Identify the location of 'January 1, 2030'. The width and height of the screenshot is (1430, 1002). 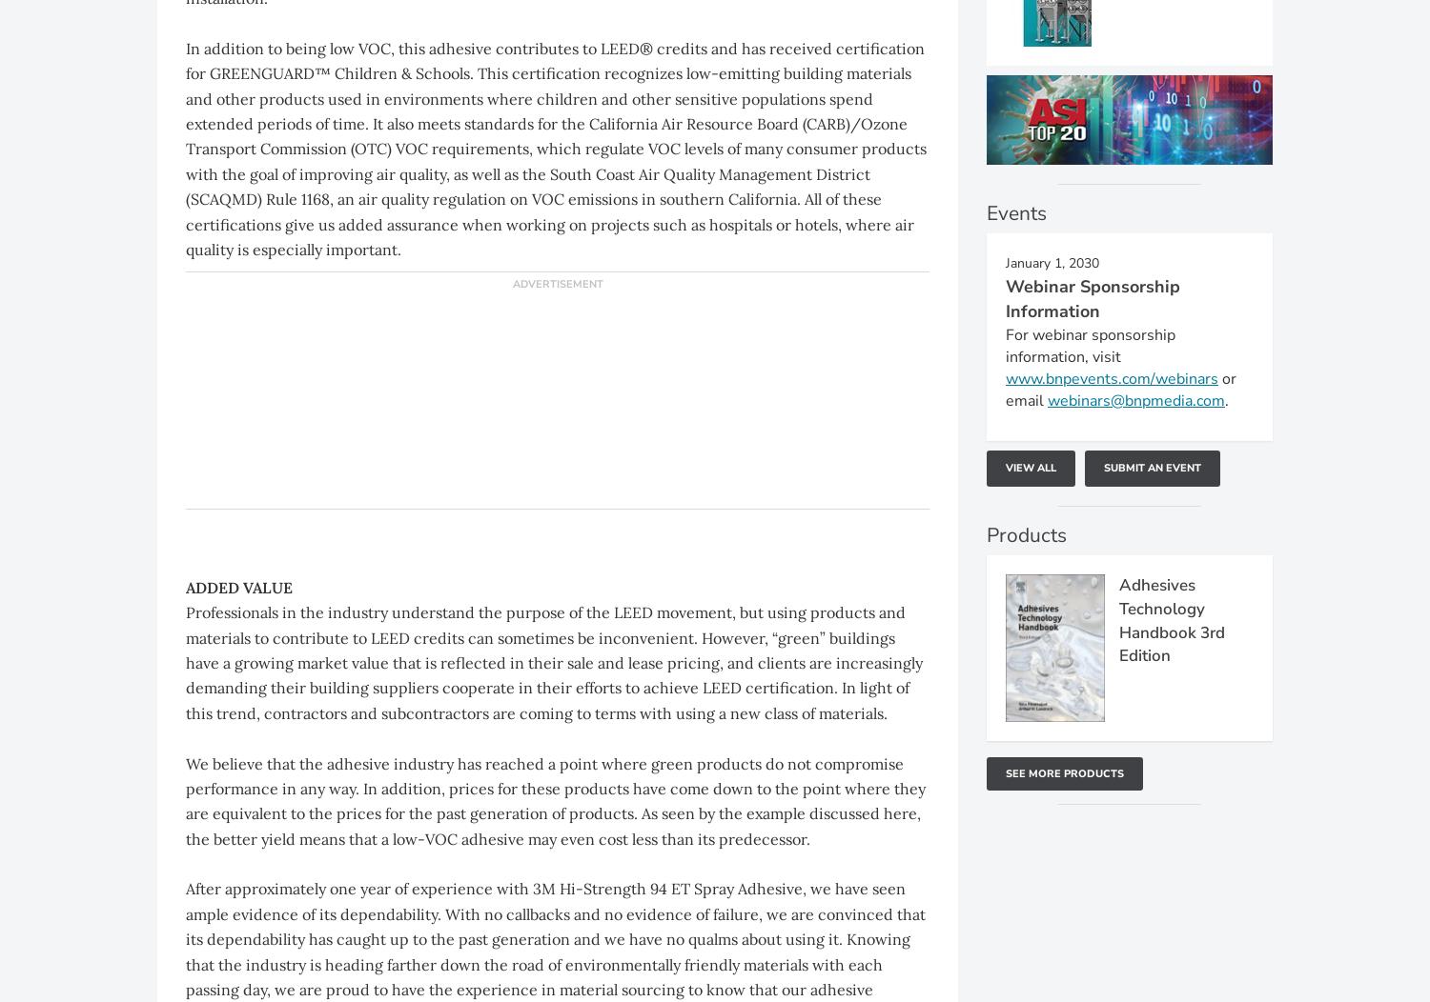
(1052, 263).